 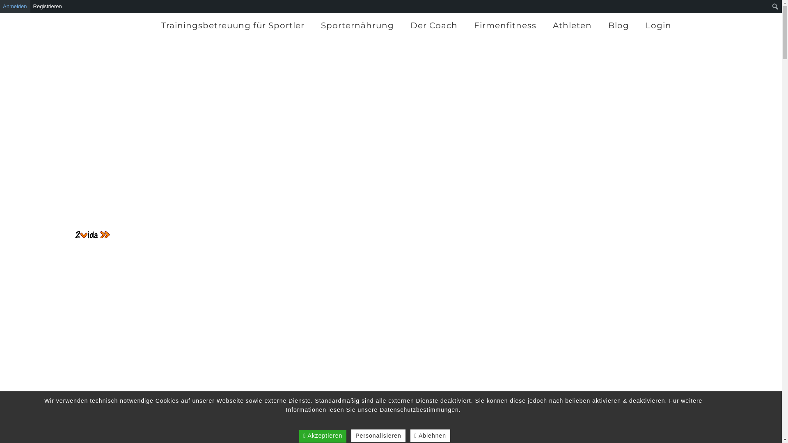 What do you see at coordinates (402, 25) in the screenshot?
I see `'Der Coach'` at bounding box center [402, 25].